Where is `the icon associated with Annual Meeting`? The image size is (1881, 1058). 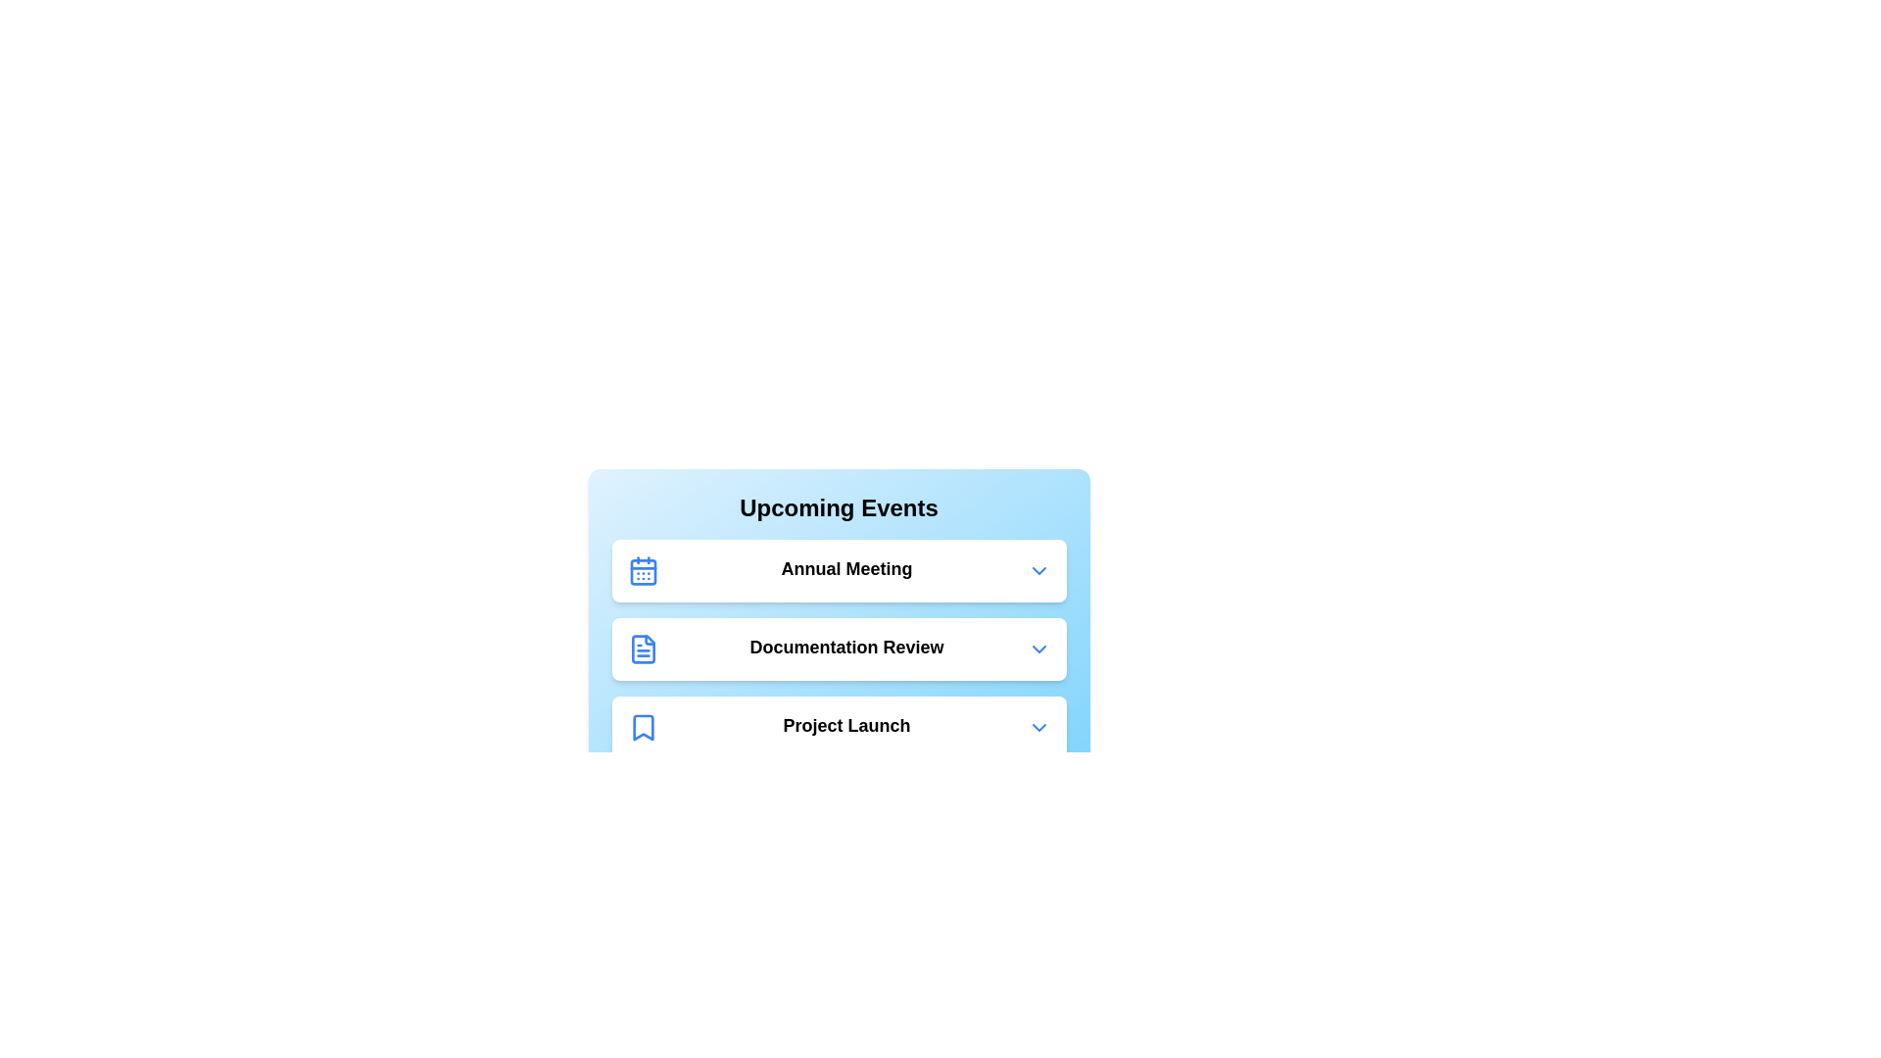 the icon associated with Annual Meeting is located at coordinates (643, 570).